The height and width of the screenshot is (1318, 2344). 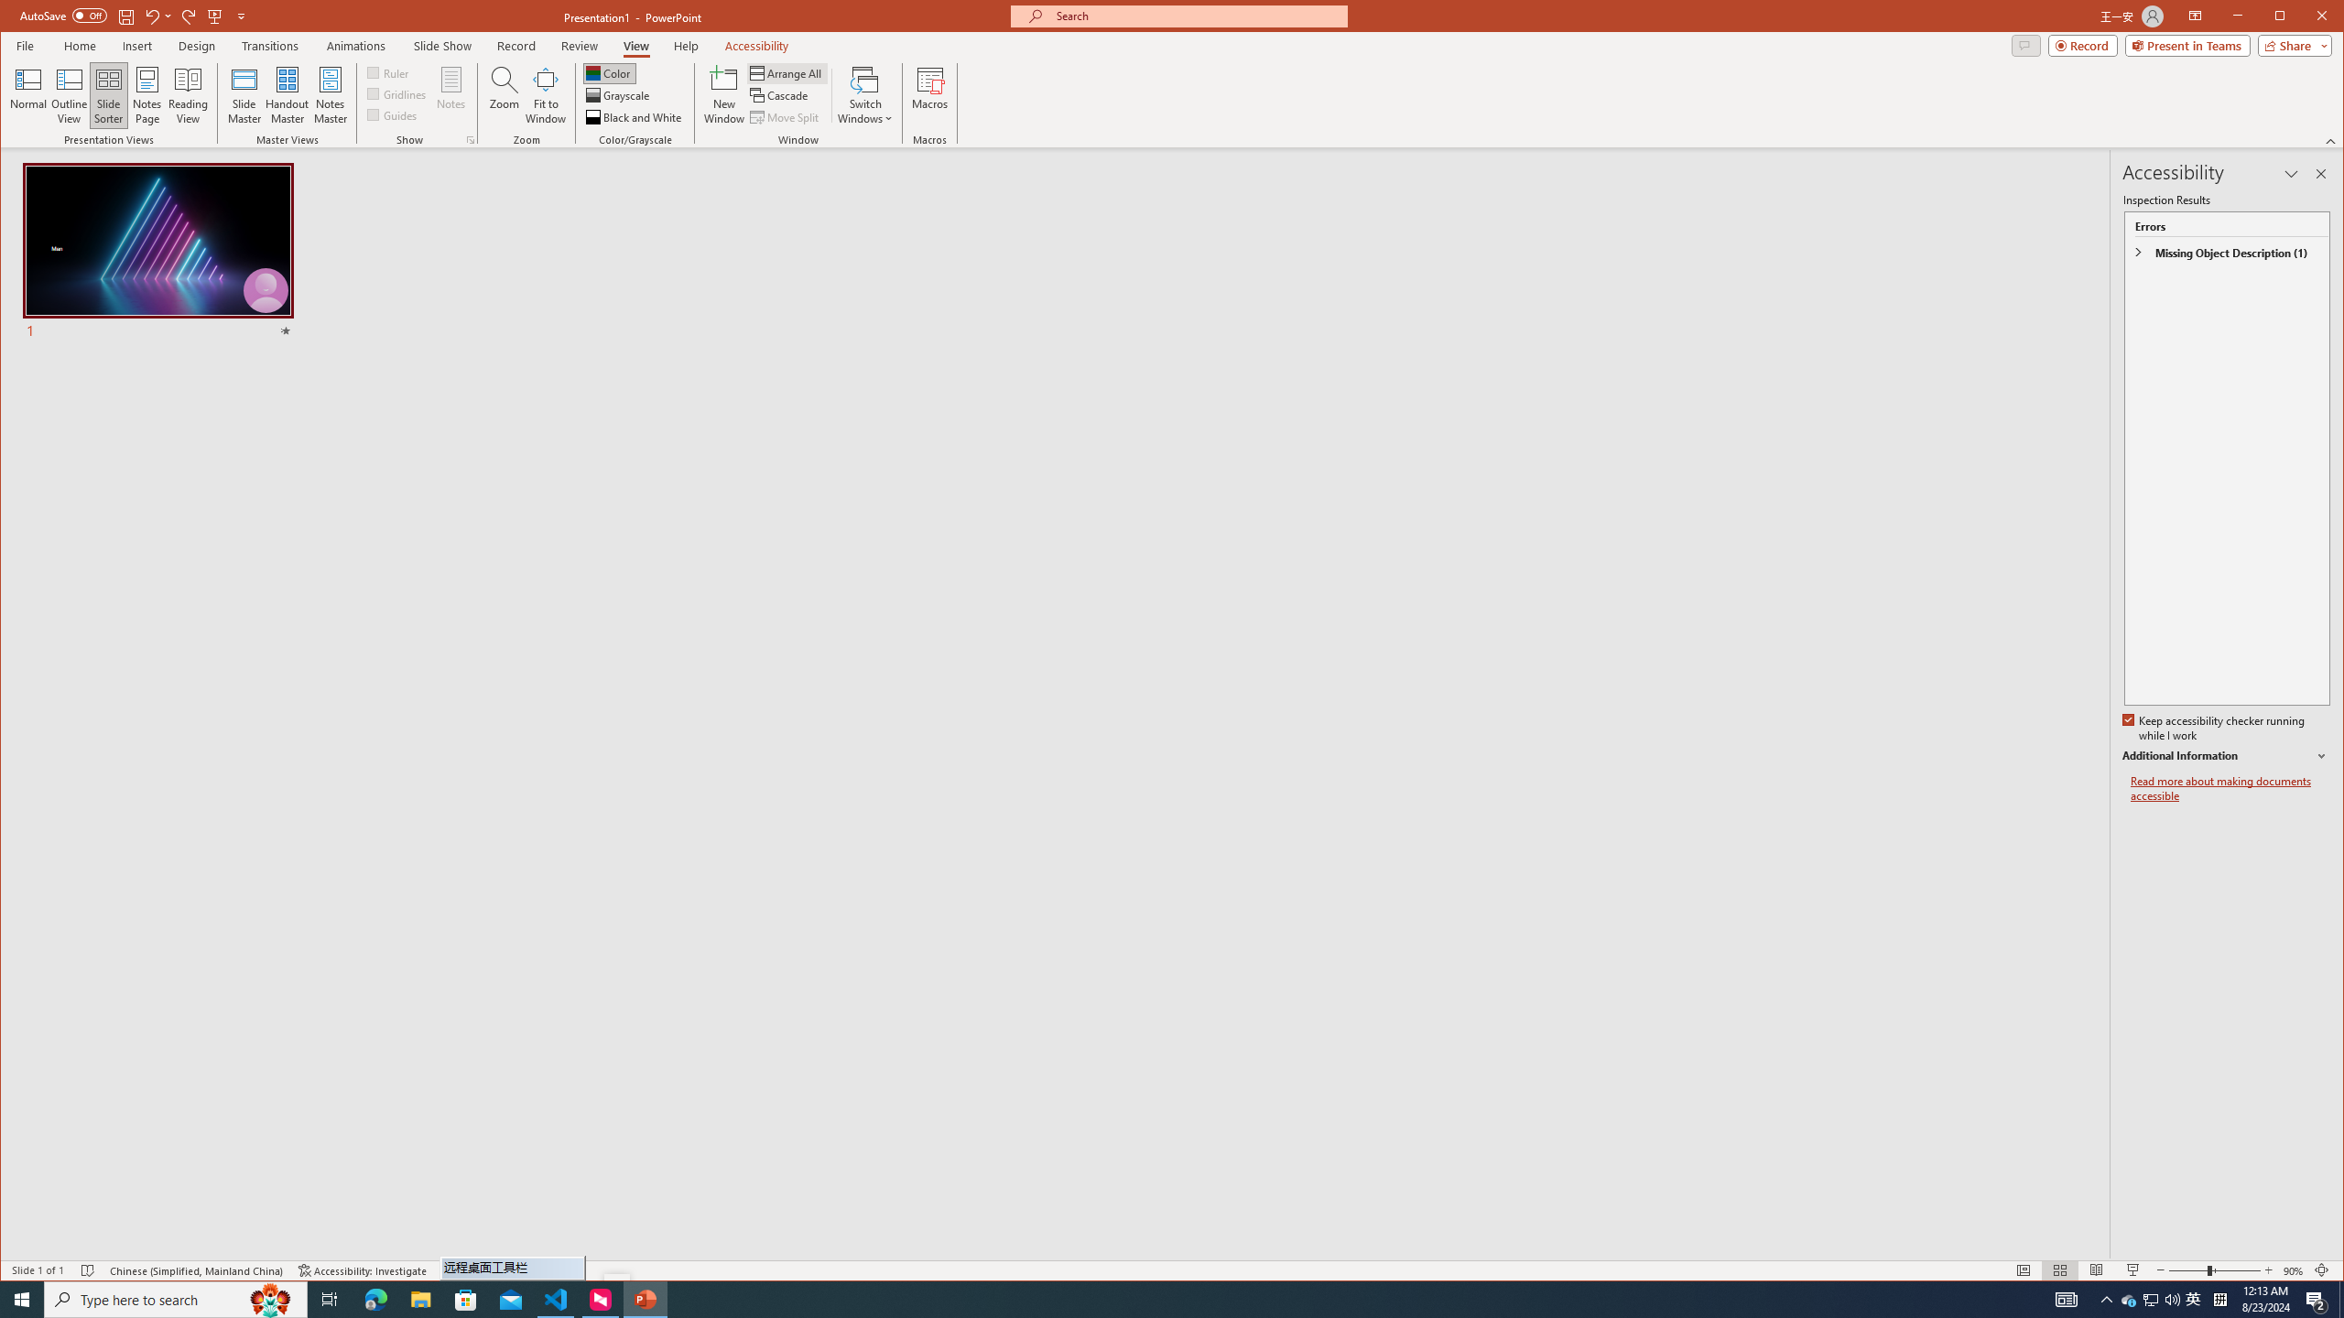 What do you see at coordinates (2306, 17) in the screenshot?
I see `'Maximize'` at bounding box center [2306, 17].